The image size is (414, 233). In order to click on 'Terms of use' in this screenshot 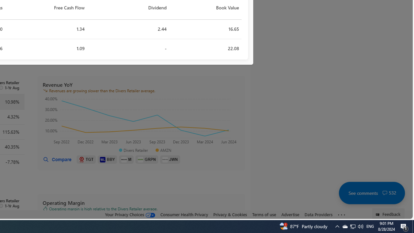, I will do `click(264, 214)`.